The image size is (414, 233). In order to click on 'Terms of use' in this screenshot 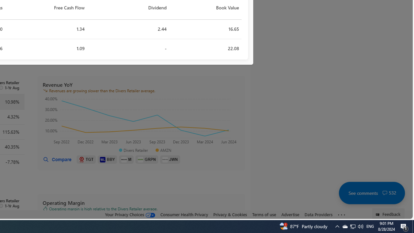, I will do `click(264, 214)`.